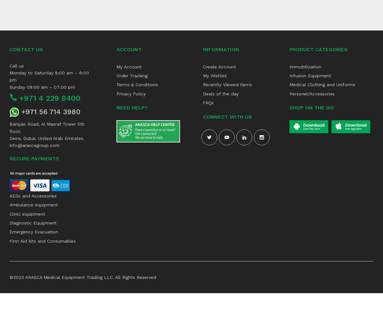  I want to click on 'Medical Clothing and Uniforms', so click(322, 85).